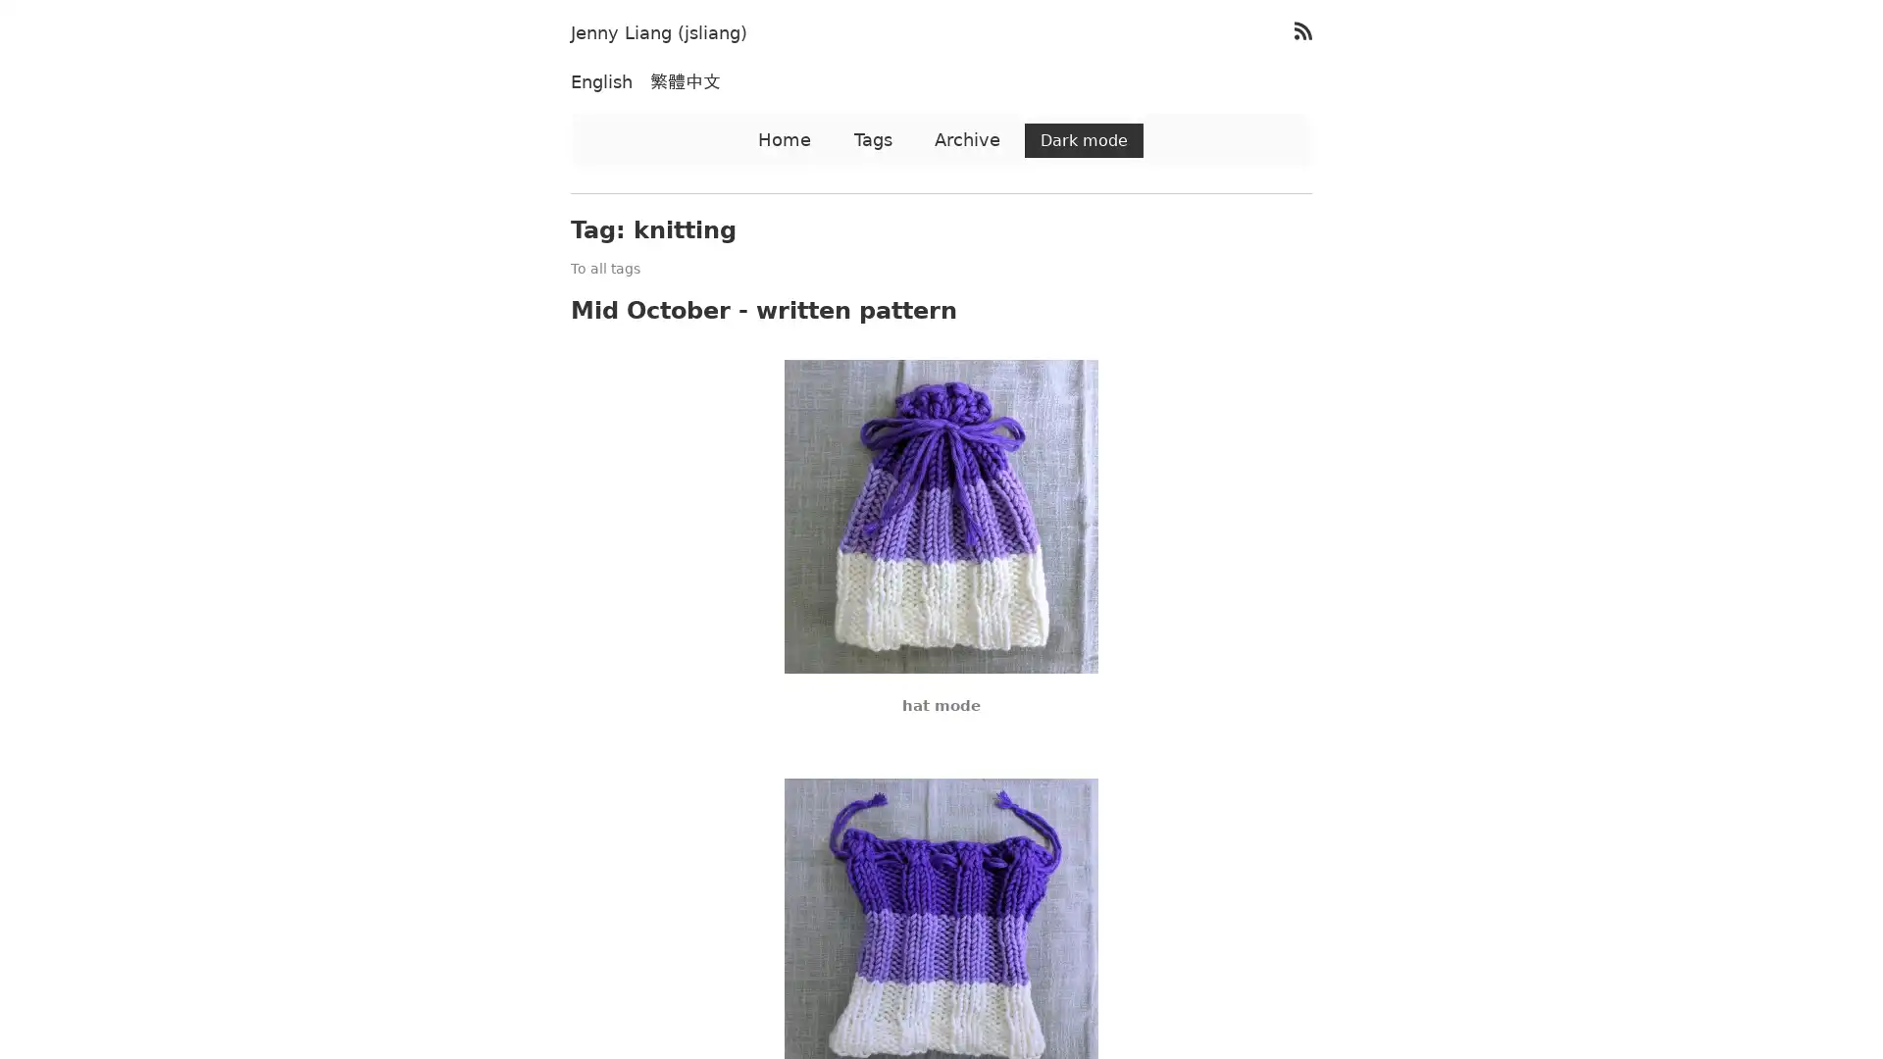 Image resolution: width=1883 pixels, height=1059 pixels. I want to click on Dark mode, so click(1083, 139).